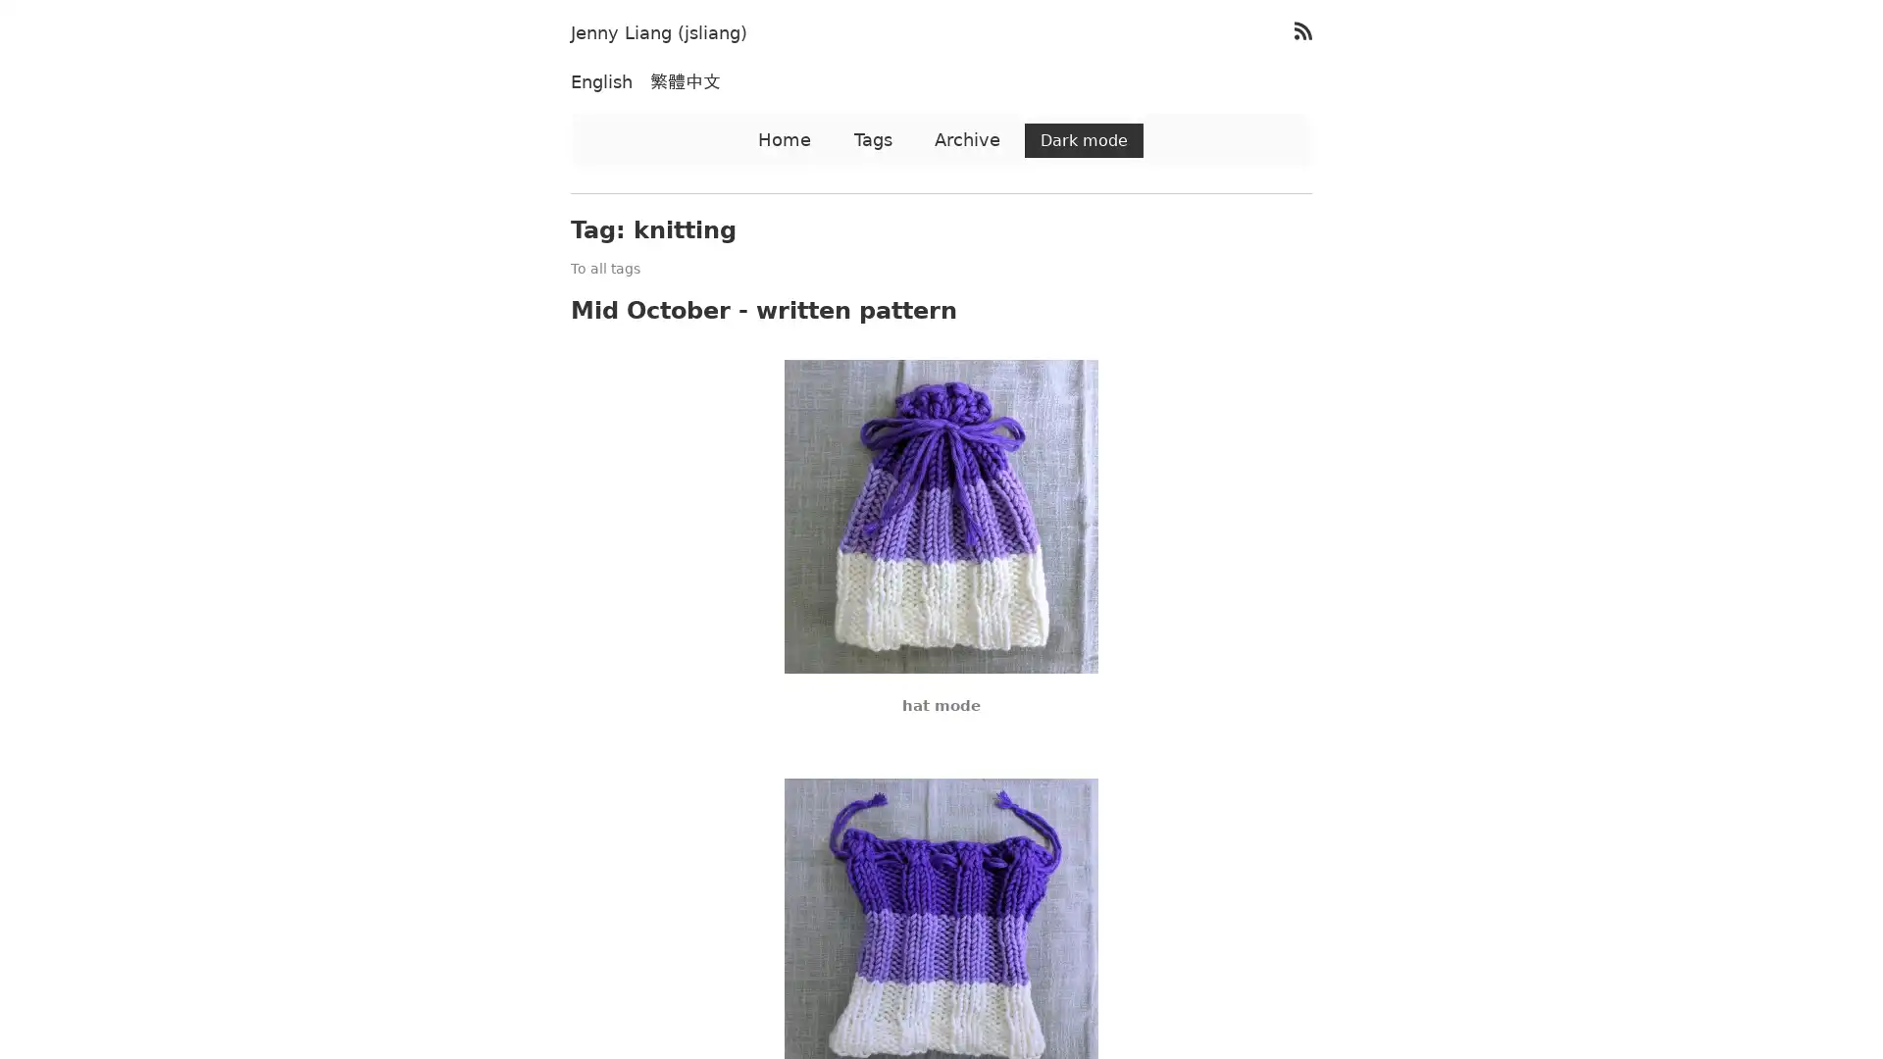 Image resolution: width=1883 pixels, height=1059 pixels. I want to click on Dark mode, so click(1083, 139).